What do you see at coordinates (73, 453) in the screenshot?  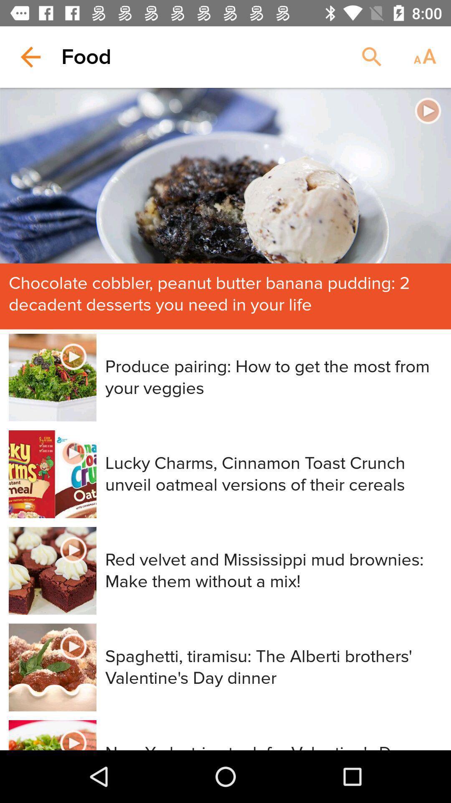 I see `the third play option` at bounding box center [73, 453].